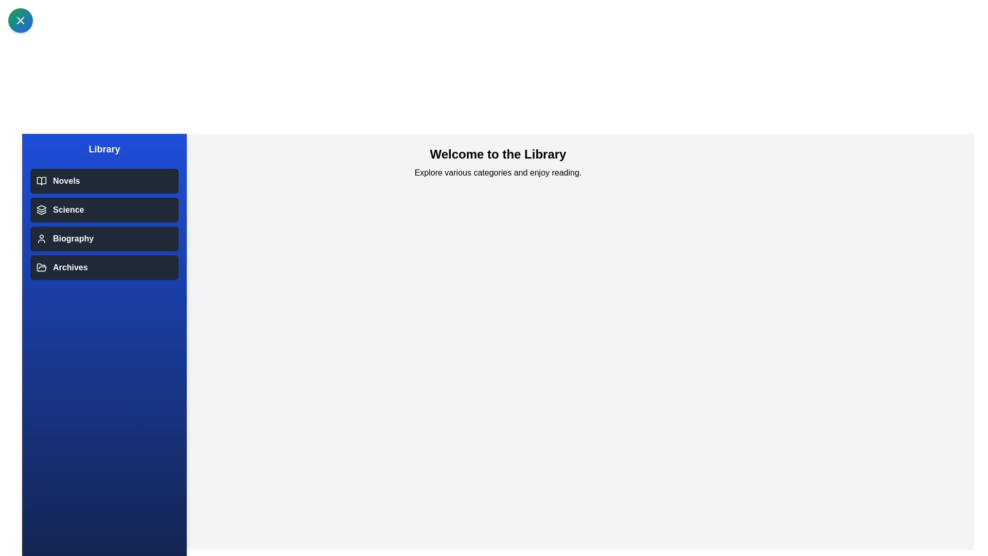  I want to click on button in the top-left corner to toggle the drawer visibility, so click(20, 20).